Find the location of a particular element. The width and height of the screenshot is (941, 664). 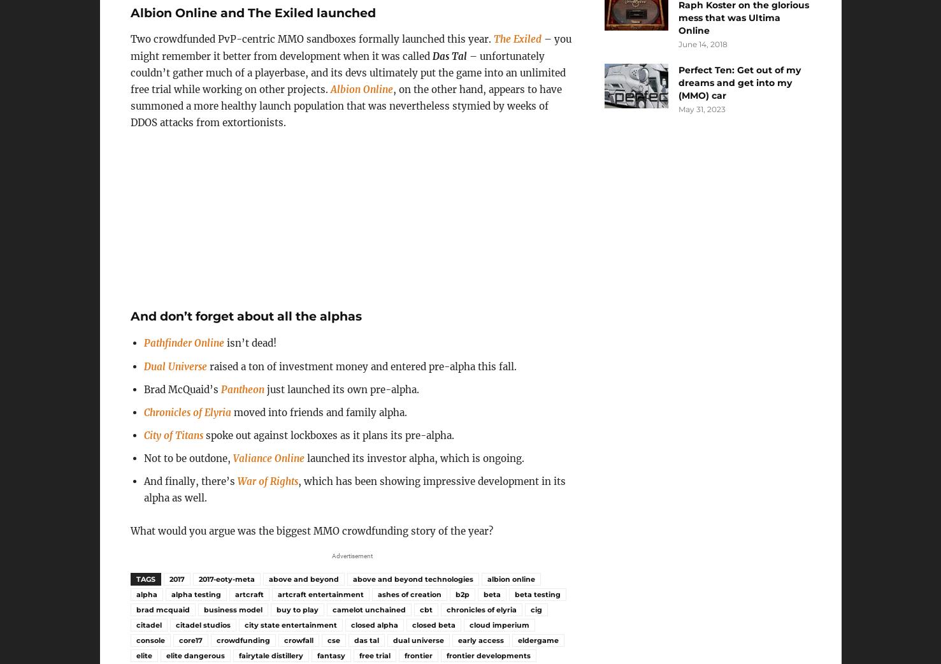

'Chronicles of Elyria' is located at coordinates (143, 412).